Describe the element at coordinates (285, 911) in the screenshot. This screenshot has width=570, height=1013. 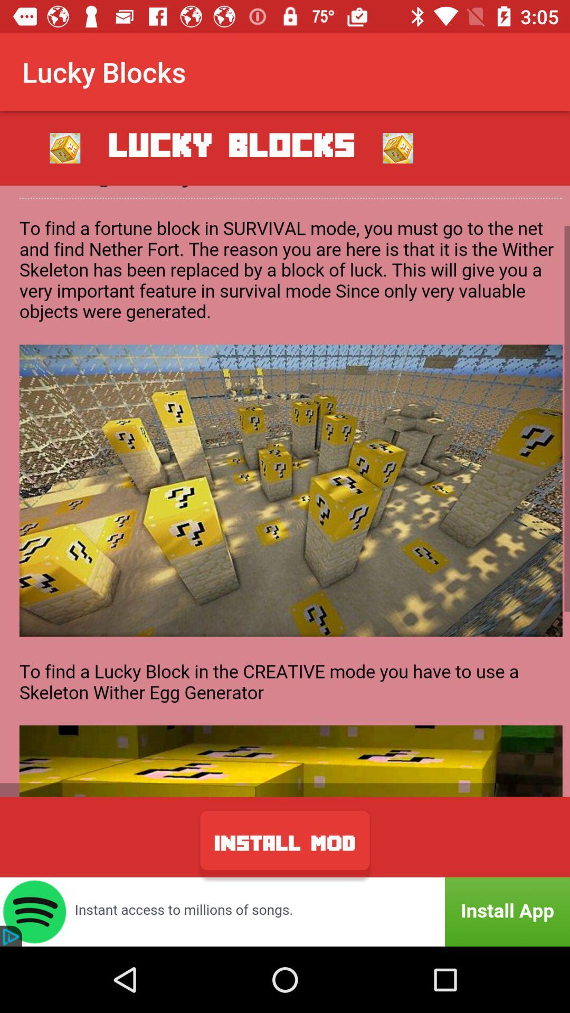
I see `install app` at that location.